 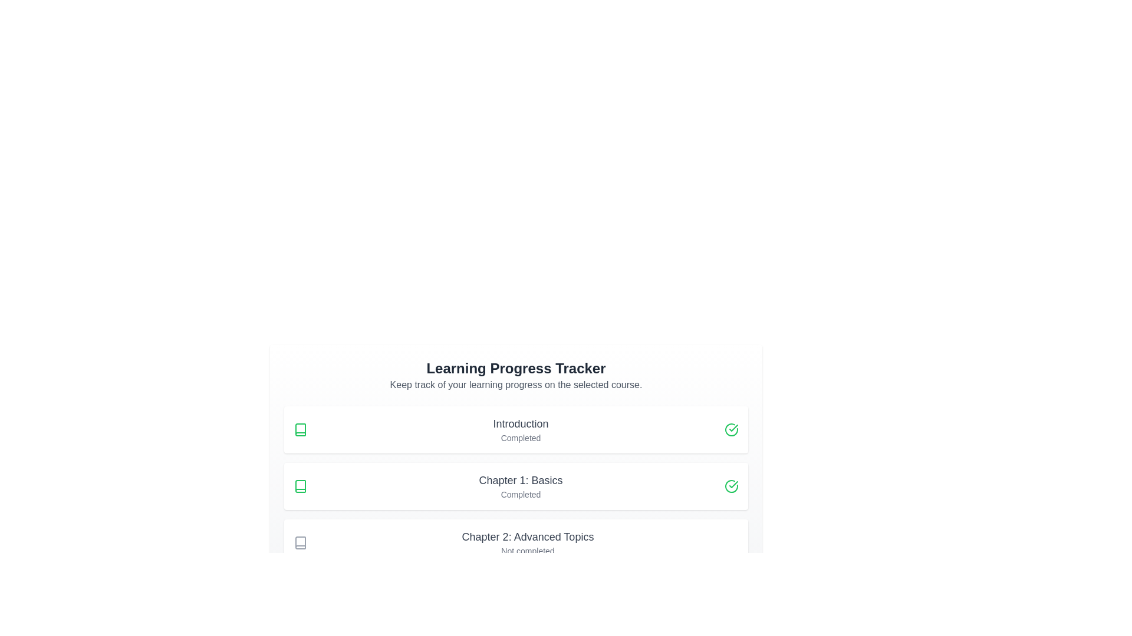 I want to click on the 'Introduction' text label in the Learning Progress Tracker interface, which is styled with a medium-sized bold gray font and is centrally aligned within its white background, located above the 'Completed' text, so click(x=520, y=424).